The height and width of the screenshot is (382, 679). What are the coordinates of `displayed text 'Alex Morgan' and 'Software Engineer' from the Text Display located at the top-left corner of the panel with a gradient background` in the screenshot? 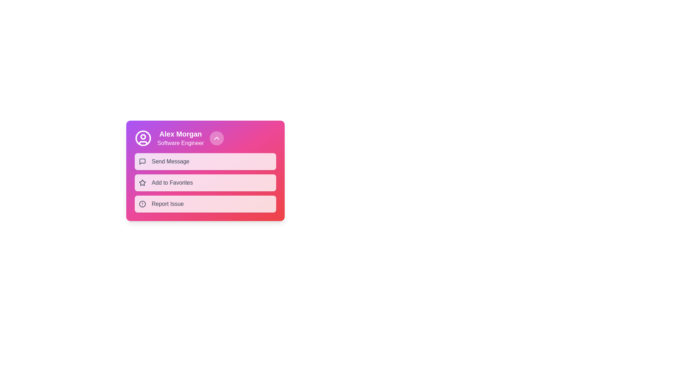 It's located at (180, 138).